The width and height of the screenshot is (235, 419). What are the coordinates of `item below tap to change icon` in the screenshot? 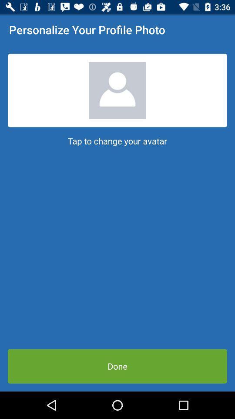 It's located at (117, 366).